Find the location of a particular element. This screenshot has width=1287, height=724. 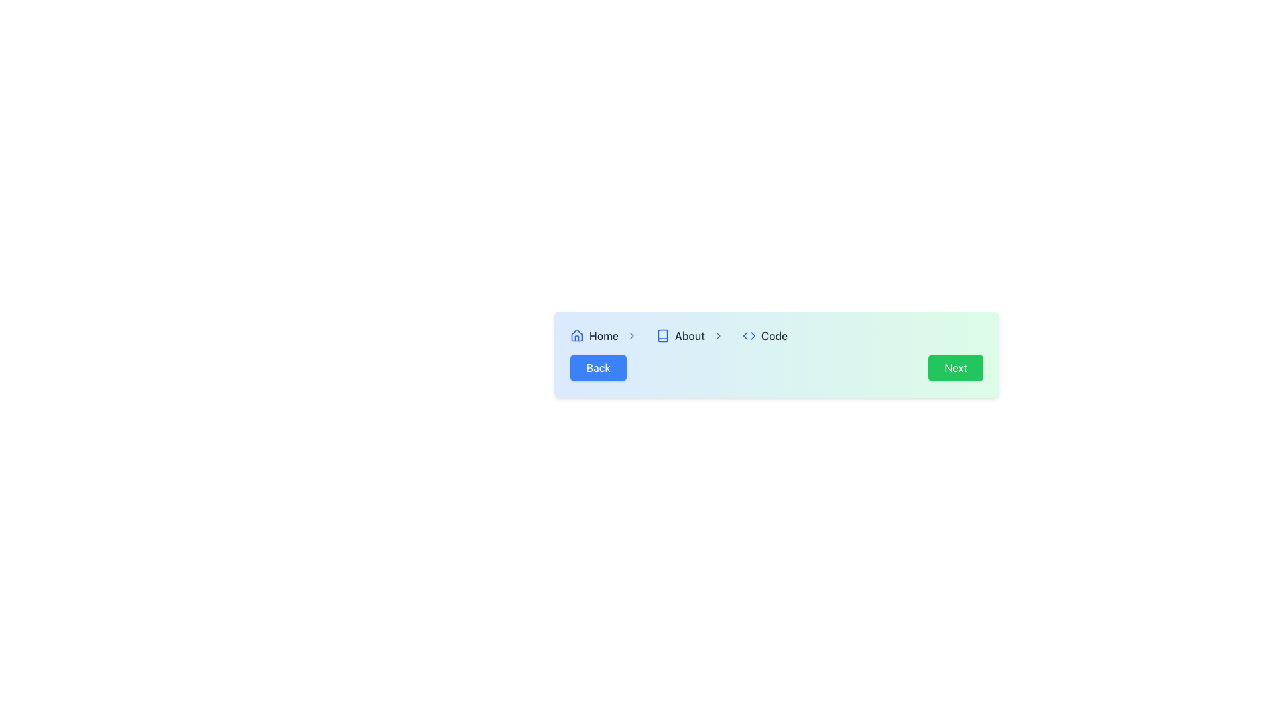

the Breadcrumb navigation bar is located at coordinates (776, 353).